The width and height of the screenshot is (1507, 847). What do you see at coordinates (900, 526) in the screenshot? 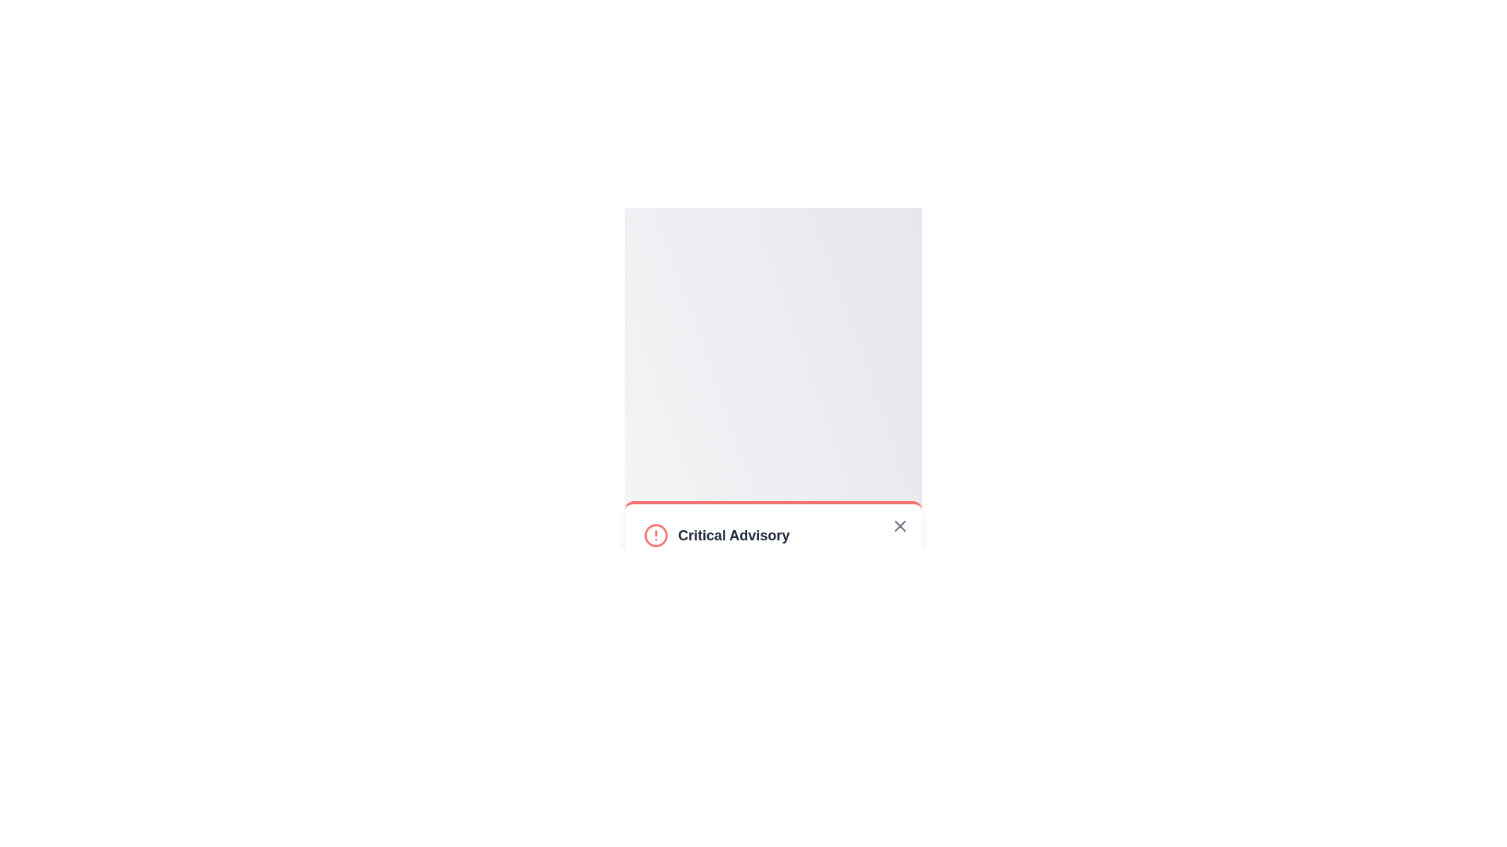
I see `the close button to dismiss the advisory panel` at bounding box center [900, 526].